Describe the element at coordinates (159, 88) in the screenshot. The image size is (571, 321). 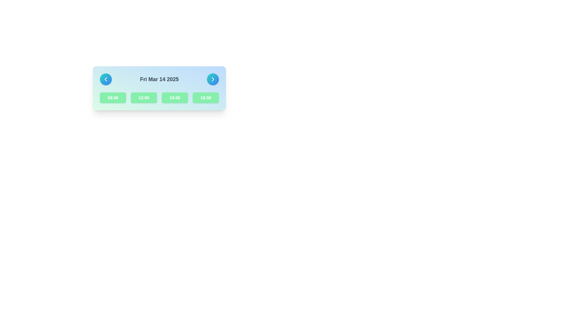
I see `the time slot button located within the rectangular card that has a gradient background from green to blue, which displays selectable time slots beneath the date` at that location.